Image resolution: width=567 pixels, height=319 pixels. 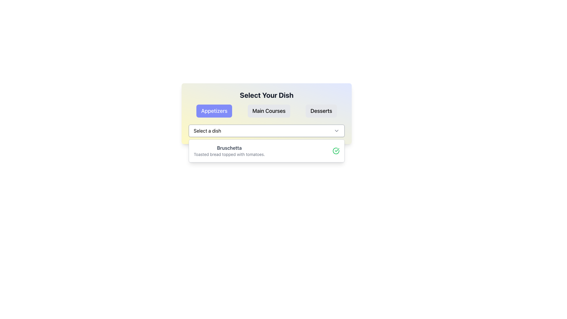 I want to click on the 'Desserts' button, which is a rectangular button with rounded corners, a light gray background, and bold black text, so click(x=321, y=111).